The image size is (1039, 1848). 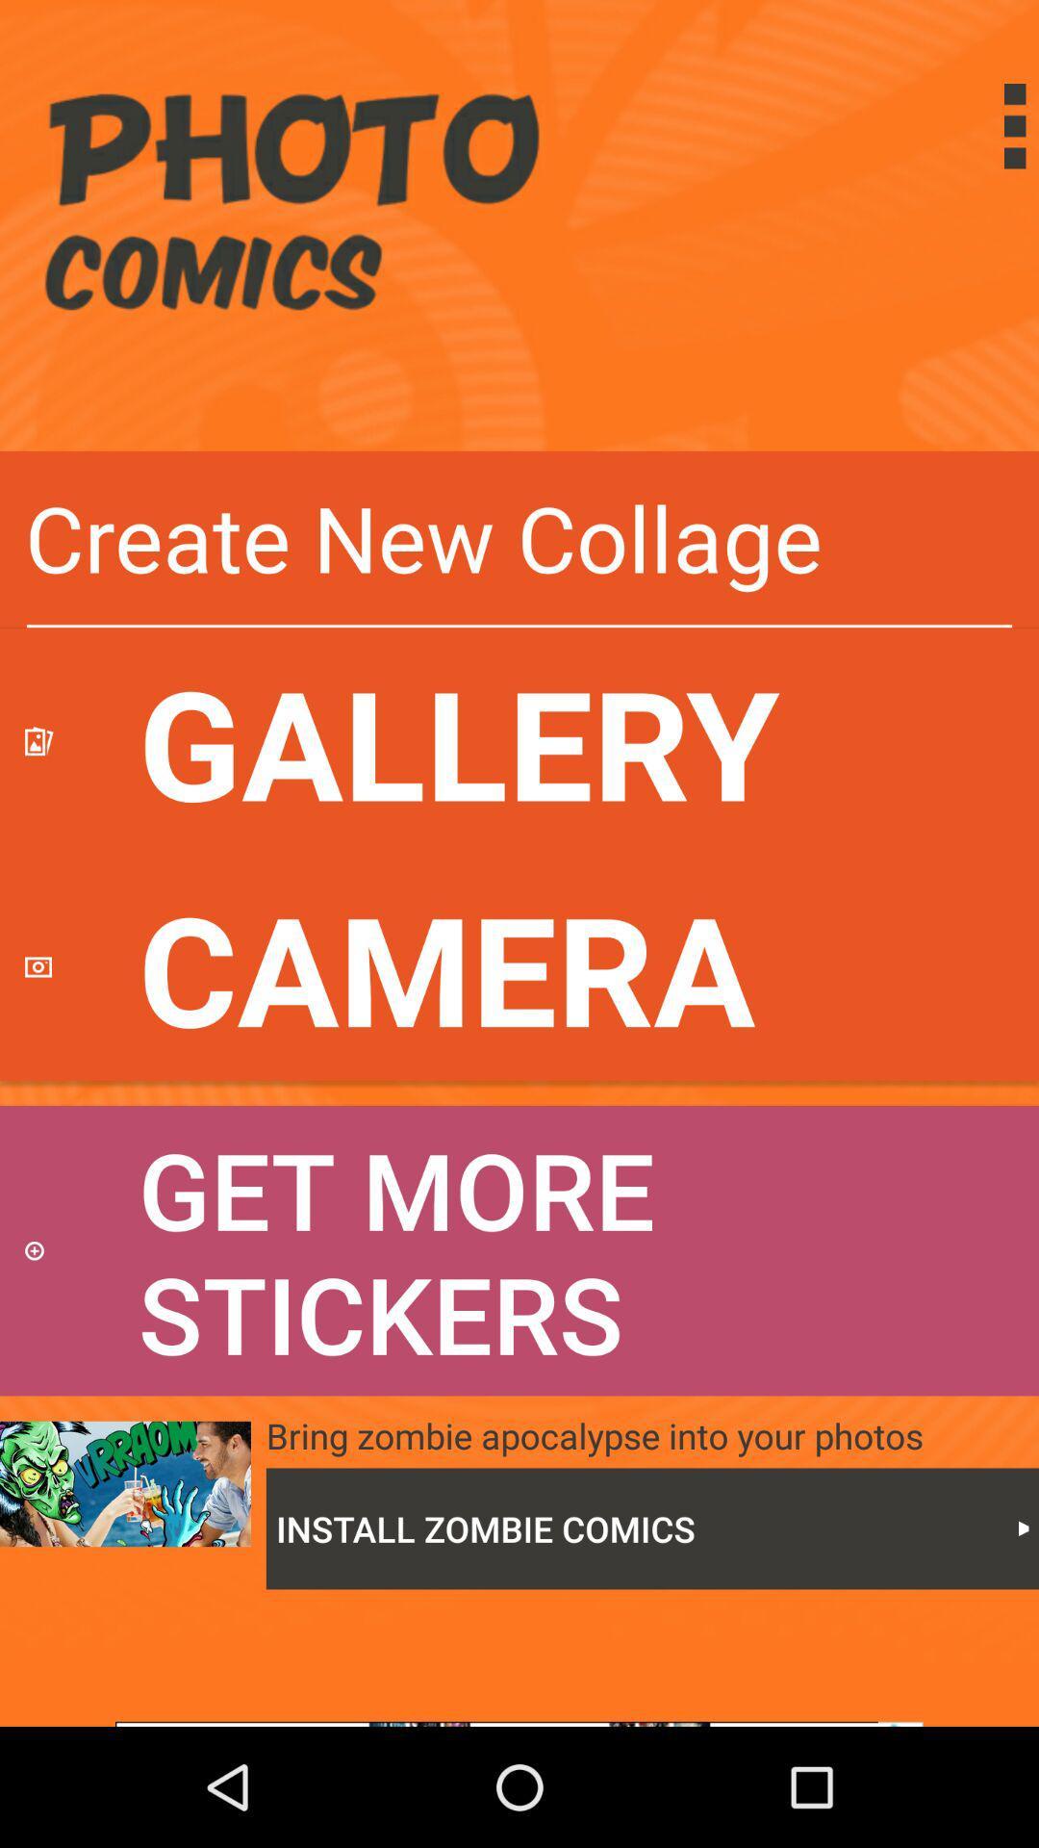 I want to click on the more icon, so click(x=976, y=125).